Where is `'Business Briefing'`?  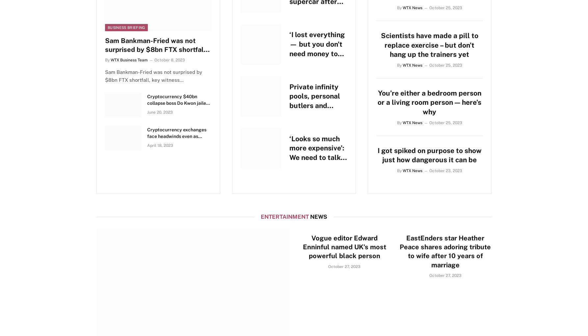
'Business Briefing' is located at coordinates (108, 27).